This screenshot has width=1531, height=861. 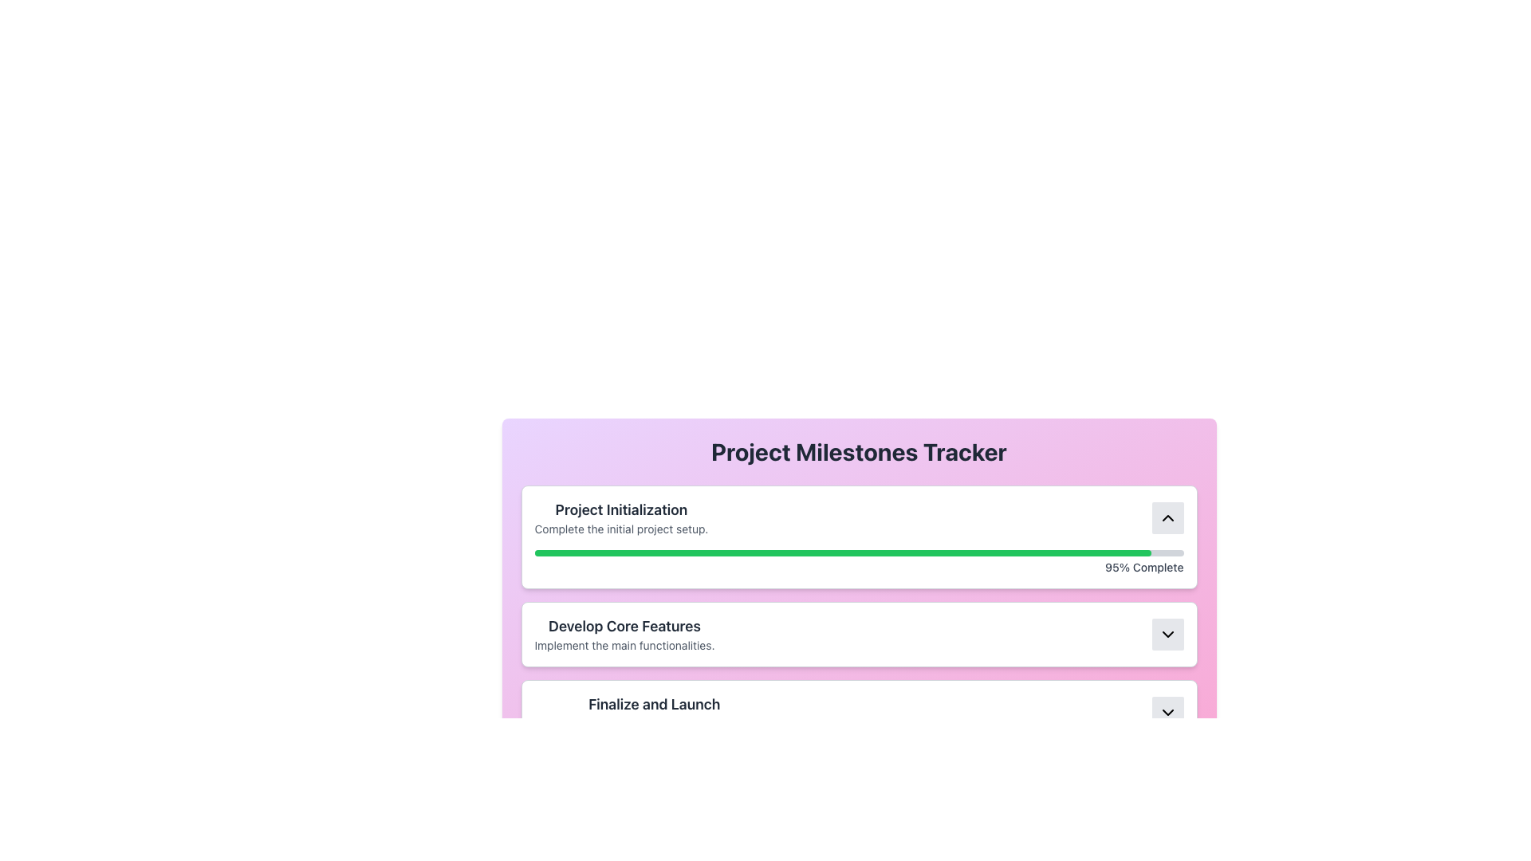 I want to click on the progress bar representing 95% completion under the 'Project Initialization' heading in the '95% Complete' section, so click(x=858, y=552).